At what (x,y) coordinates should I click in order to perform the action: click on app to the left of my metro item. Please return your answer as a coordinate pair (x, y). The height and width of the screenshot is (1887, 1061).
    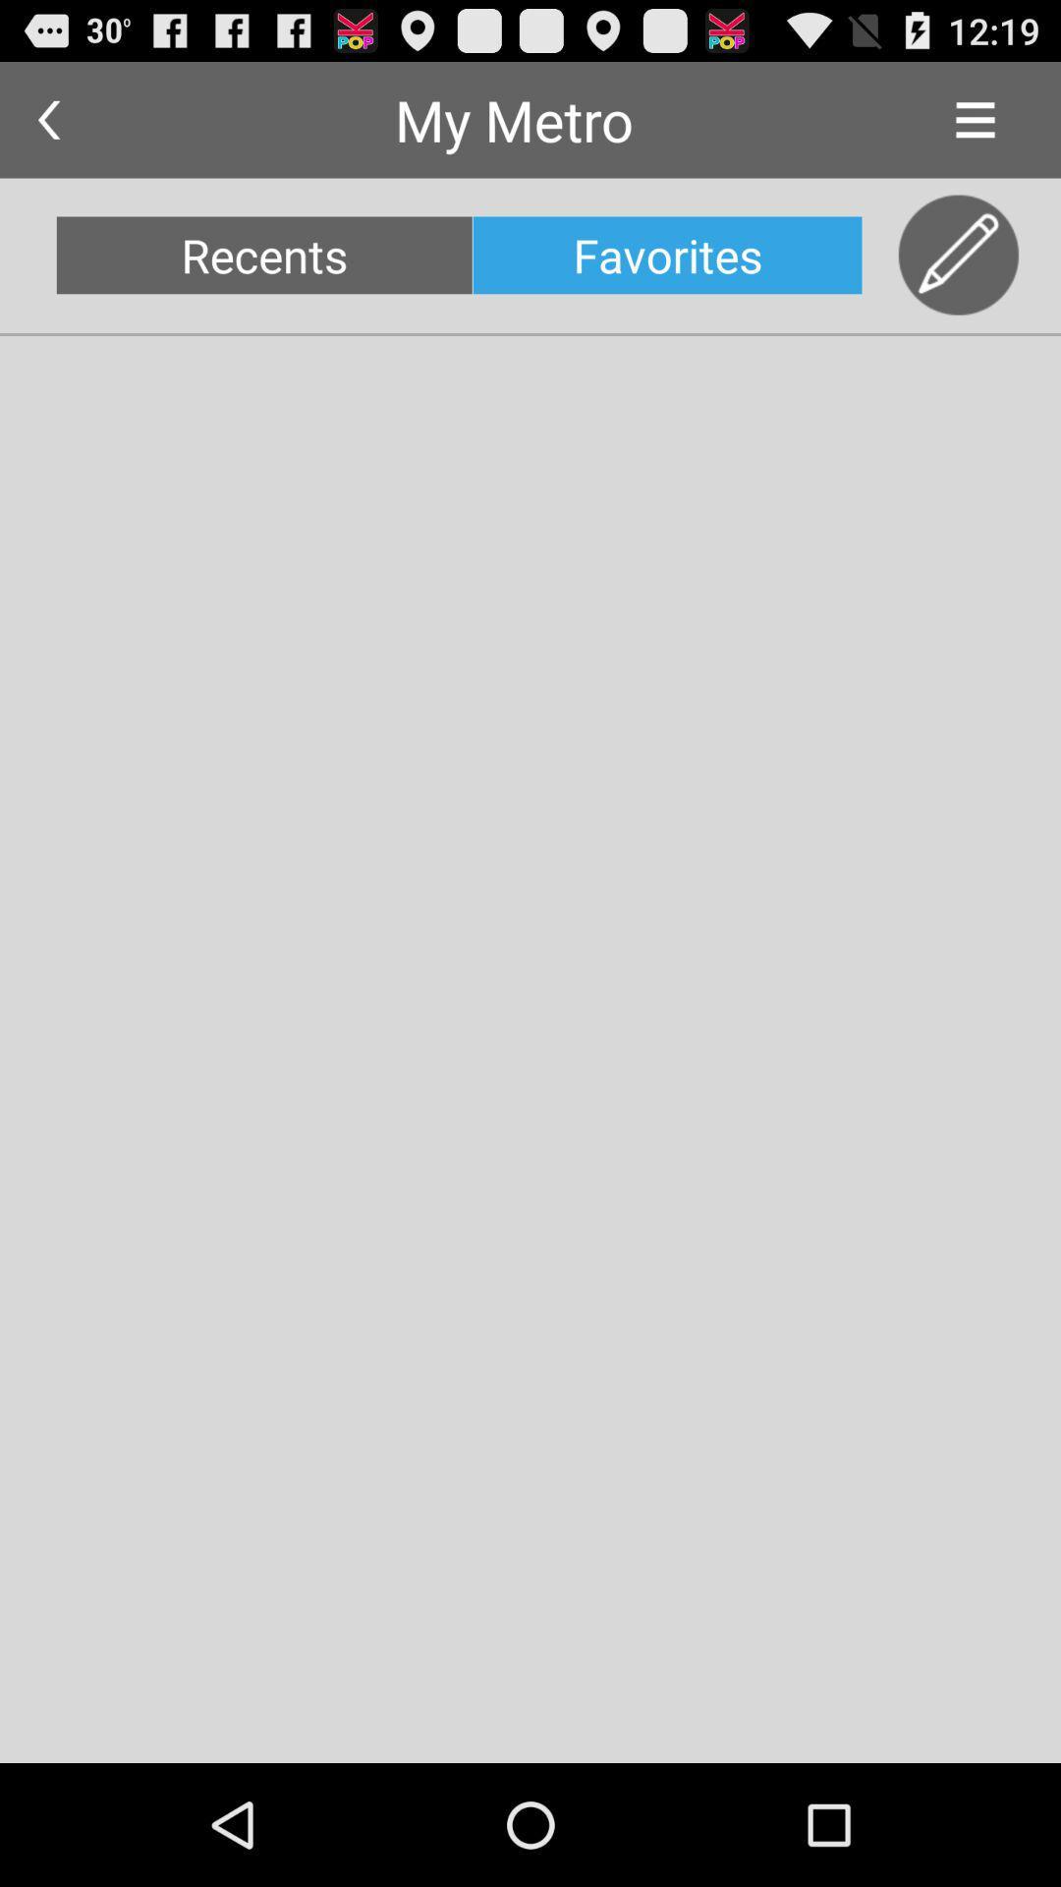
    Looking at the image, I should click on (47, 119).